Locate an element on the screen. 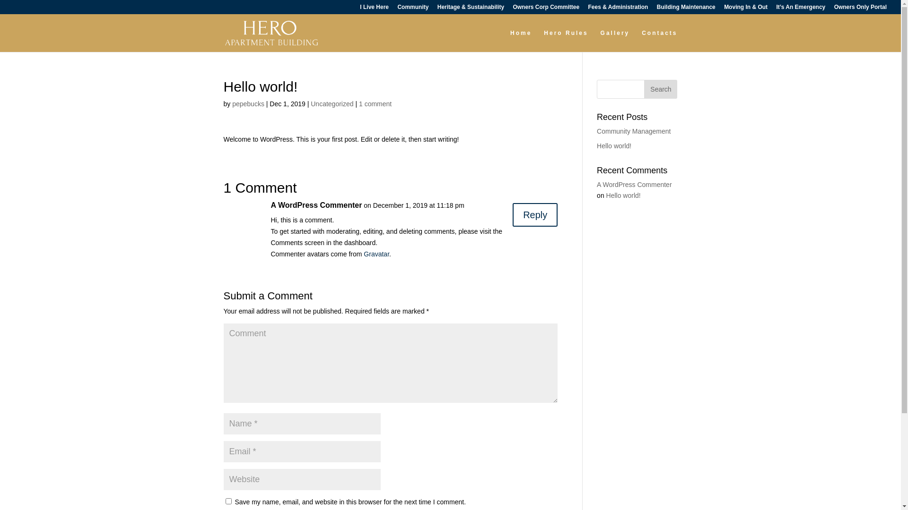  'Owners Only Portal' is located at coordinates (860, 9).